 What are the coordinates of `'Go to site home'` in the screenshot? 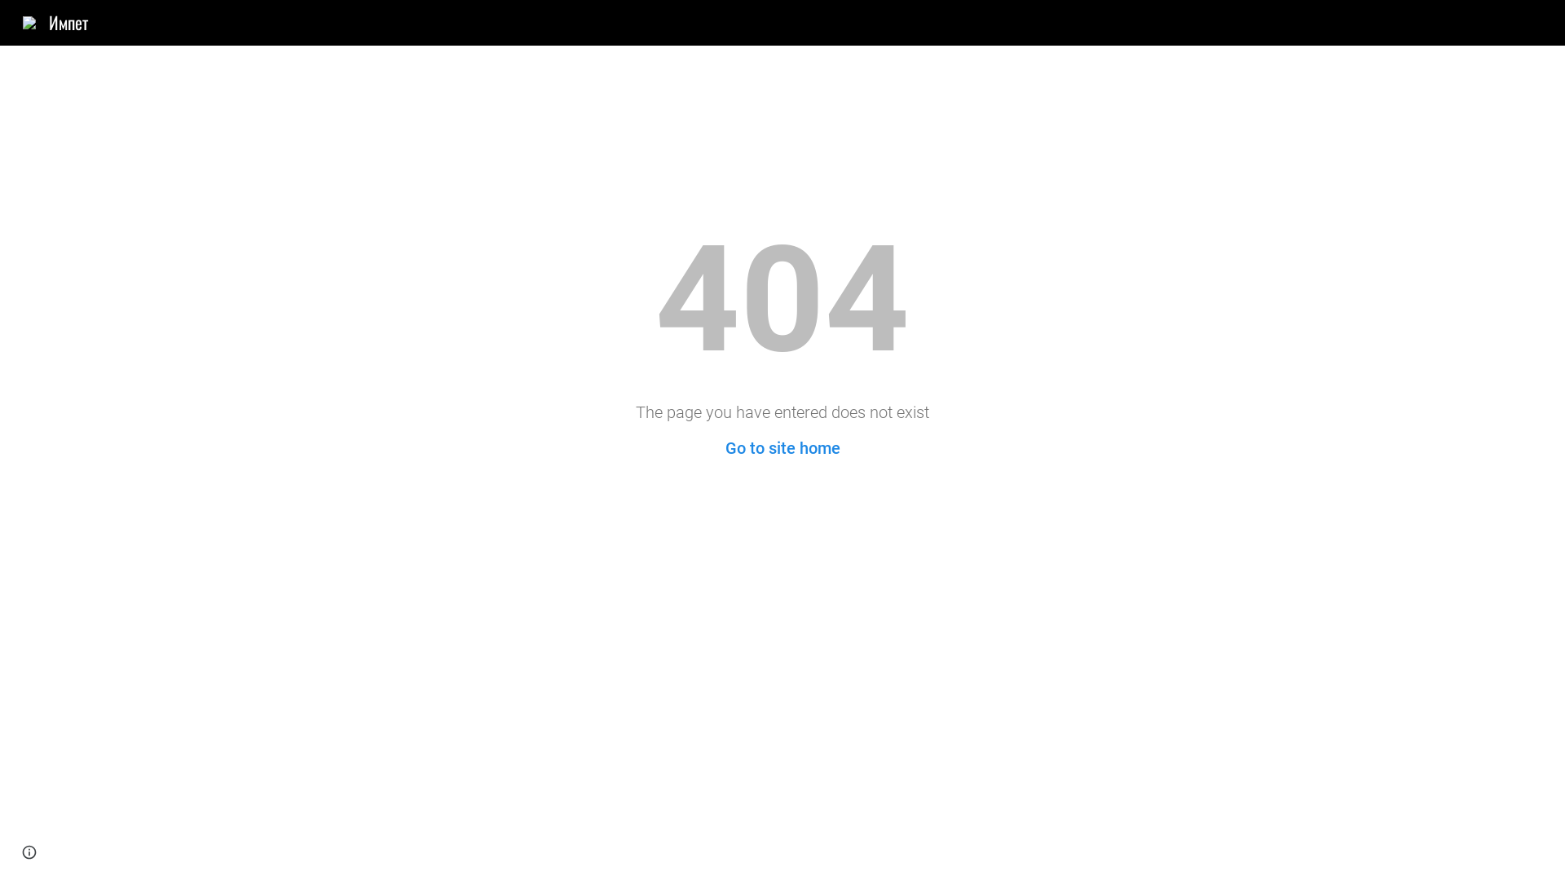 It's located at (782, 448).